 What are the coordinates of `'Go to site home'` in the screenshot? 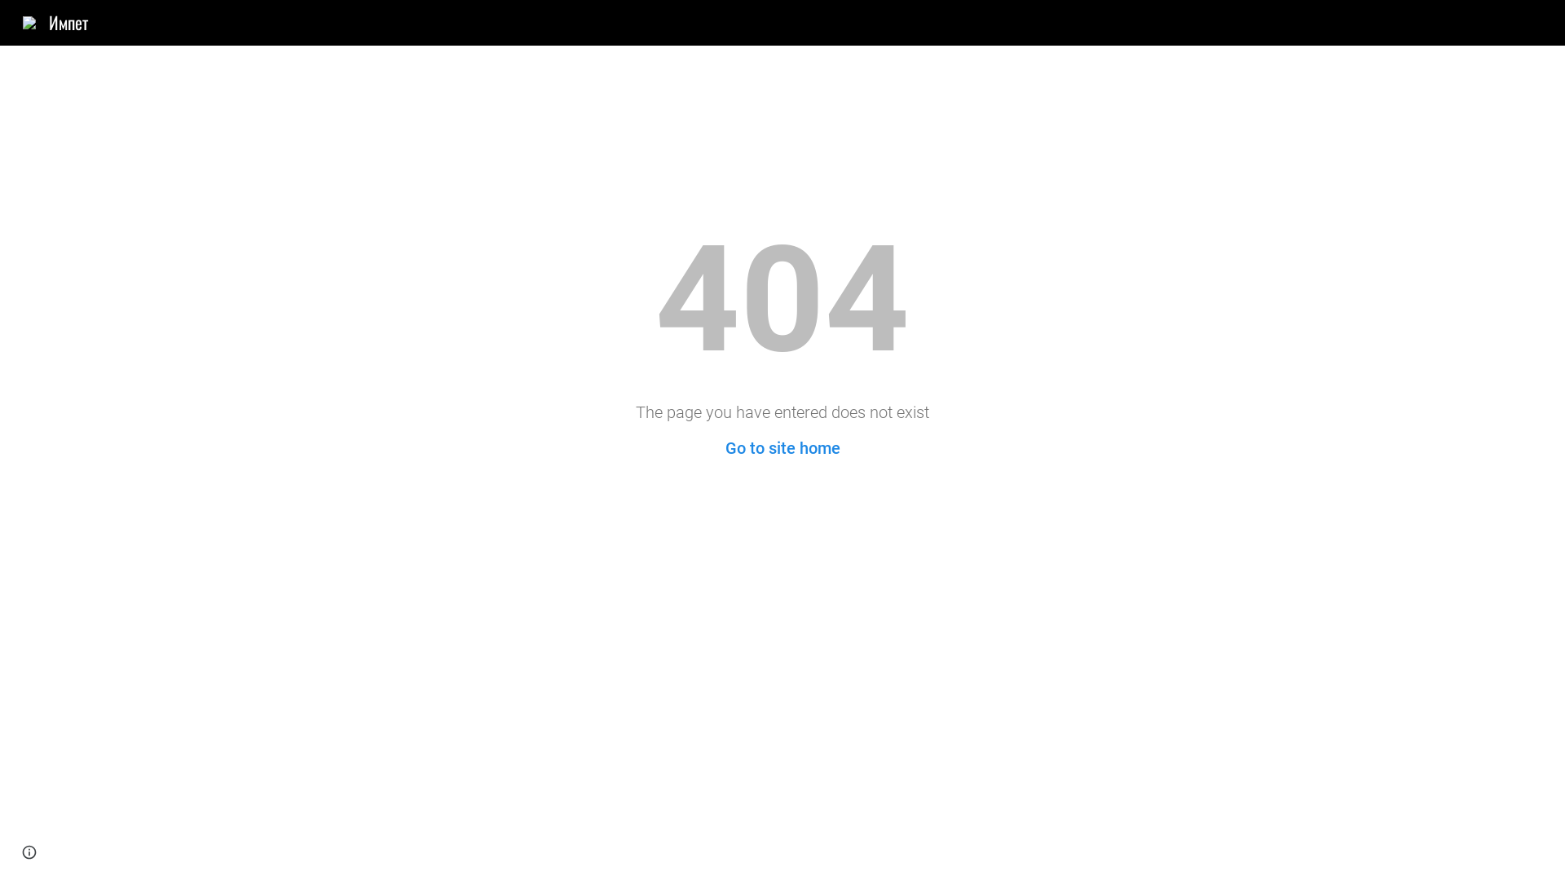 It's located at (782, 448).